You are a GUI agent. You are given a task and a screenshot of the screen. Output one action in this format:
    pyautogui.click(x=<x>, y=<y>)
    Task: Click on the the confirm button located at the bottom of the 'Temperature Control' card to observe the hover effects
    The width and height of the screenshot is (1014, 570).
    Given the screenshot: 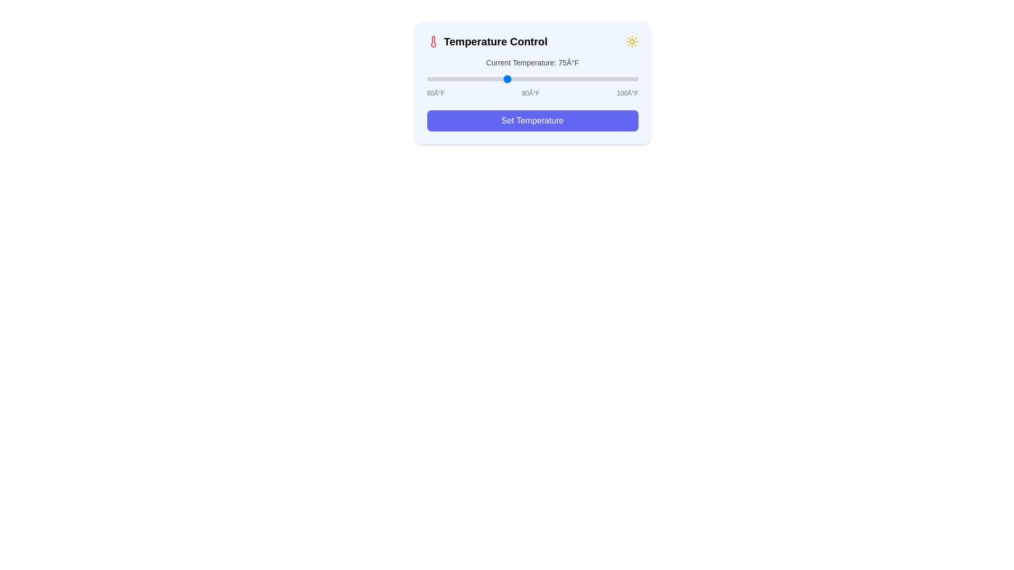 What is the action you would take?
    pyautogui.click(x=532, y=120)
    